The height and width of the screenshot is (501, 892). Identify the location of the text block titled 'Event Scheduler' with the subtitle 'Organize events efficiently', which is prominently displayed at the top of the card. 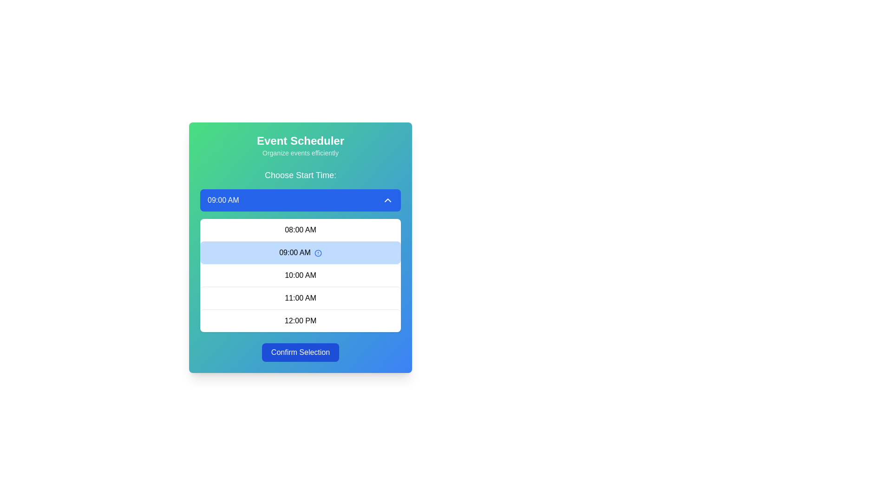
(301, 145).